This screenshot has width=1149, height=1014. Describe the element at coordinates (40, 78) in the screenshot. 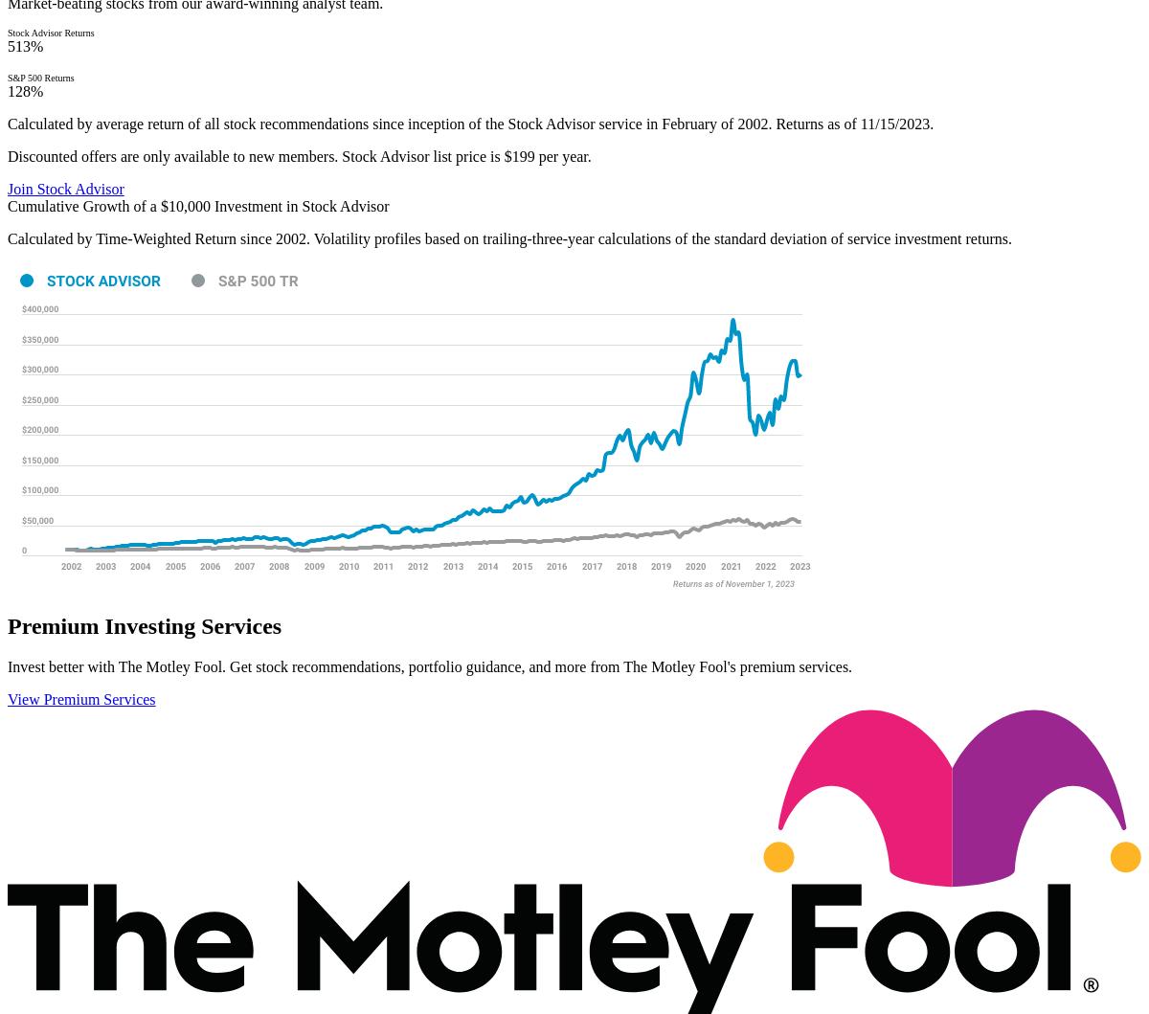

I see `'S&P 500 Returns'` at that location.